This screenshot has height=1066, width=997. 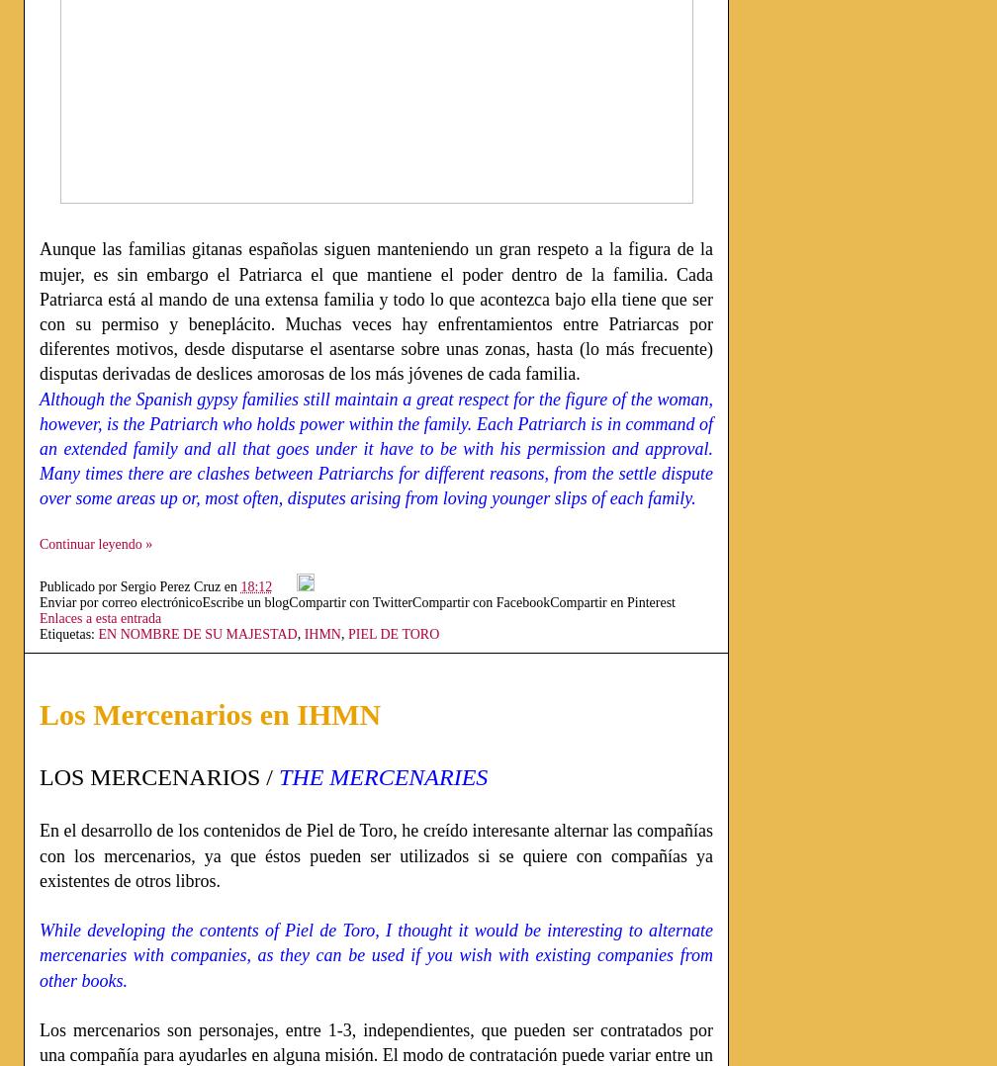 What do you see at coordinates (255, 585) in the screenshot?
I see `'18:12'` at bounding box center [255, 585].